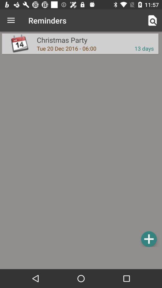 The image size is (162, 288). What do you see at coordinates (148, 239) in the screenshot?
I see `event` at bounding box center [148, 239].